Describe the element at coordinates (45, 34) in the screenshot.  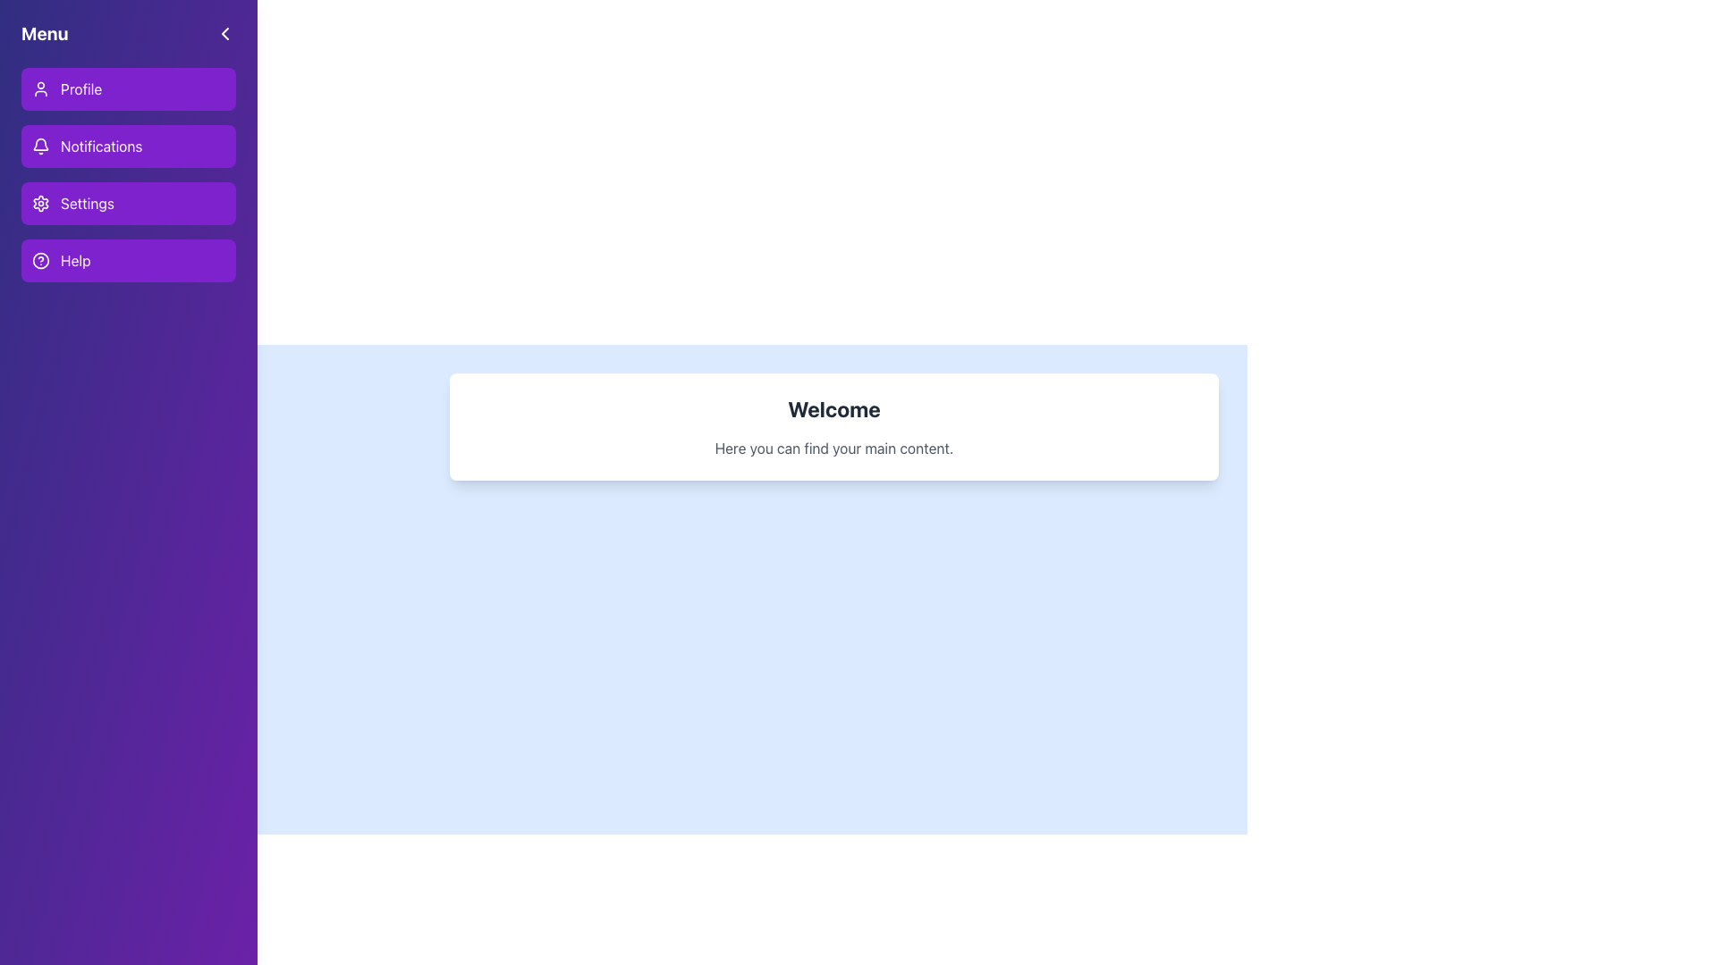
I see `the 'Menu' text label, which is bold, large, and white against a purple background, located at the top-left section of the vertical navigation panel` at that location.